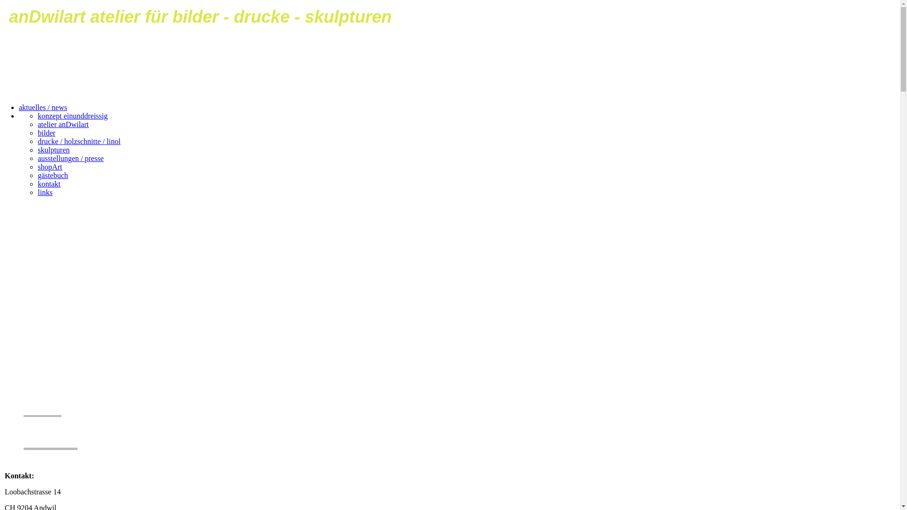  Describe the element at coordinates (49, 166) in the screenshot. I see `'shopArt'` at that location.